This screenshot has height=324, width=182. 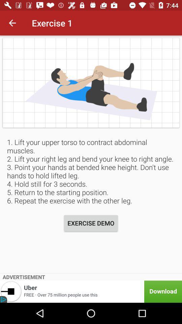 What do you see at coordinates (91, 291) in the screenshot?
I see `advertisement` at bounding box center [91, 291].